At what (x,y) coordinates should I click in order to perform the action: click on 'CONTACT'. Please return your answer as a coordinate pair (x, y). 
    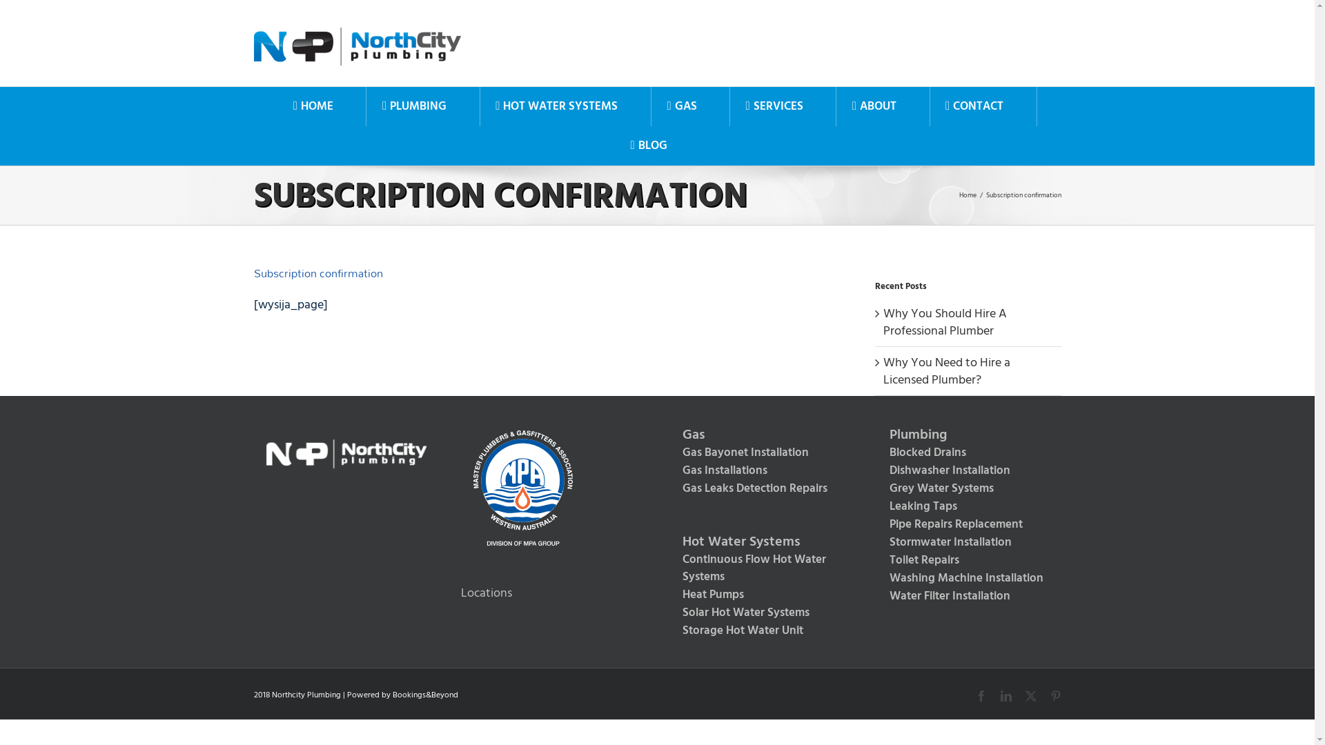
    Looking at the image, I should click on (974, 106).